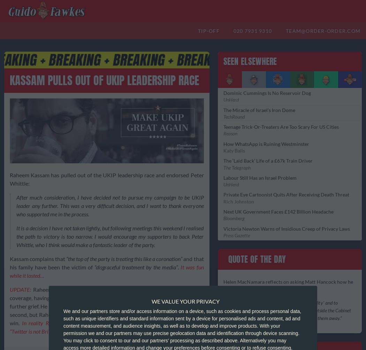  Describe the element at coordinates (238, 201) in the screenshot. I see `'Rich Johnston'` at that location.